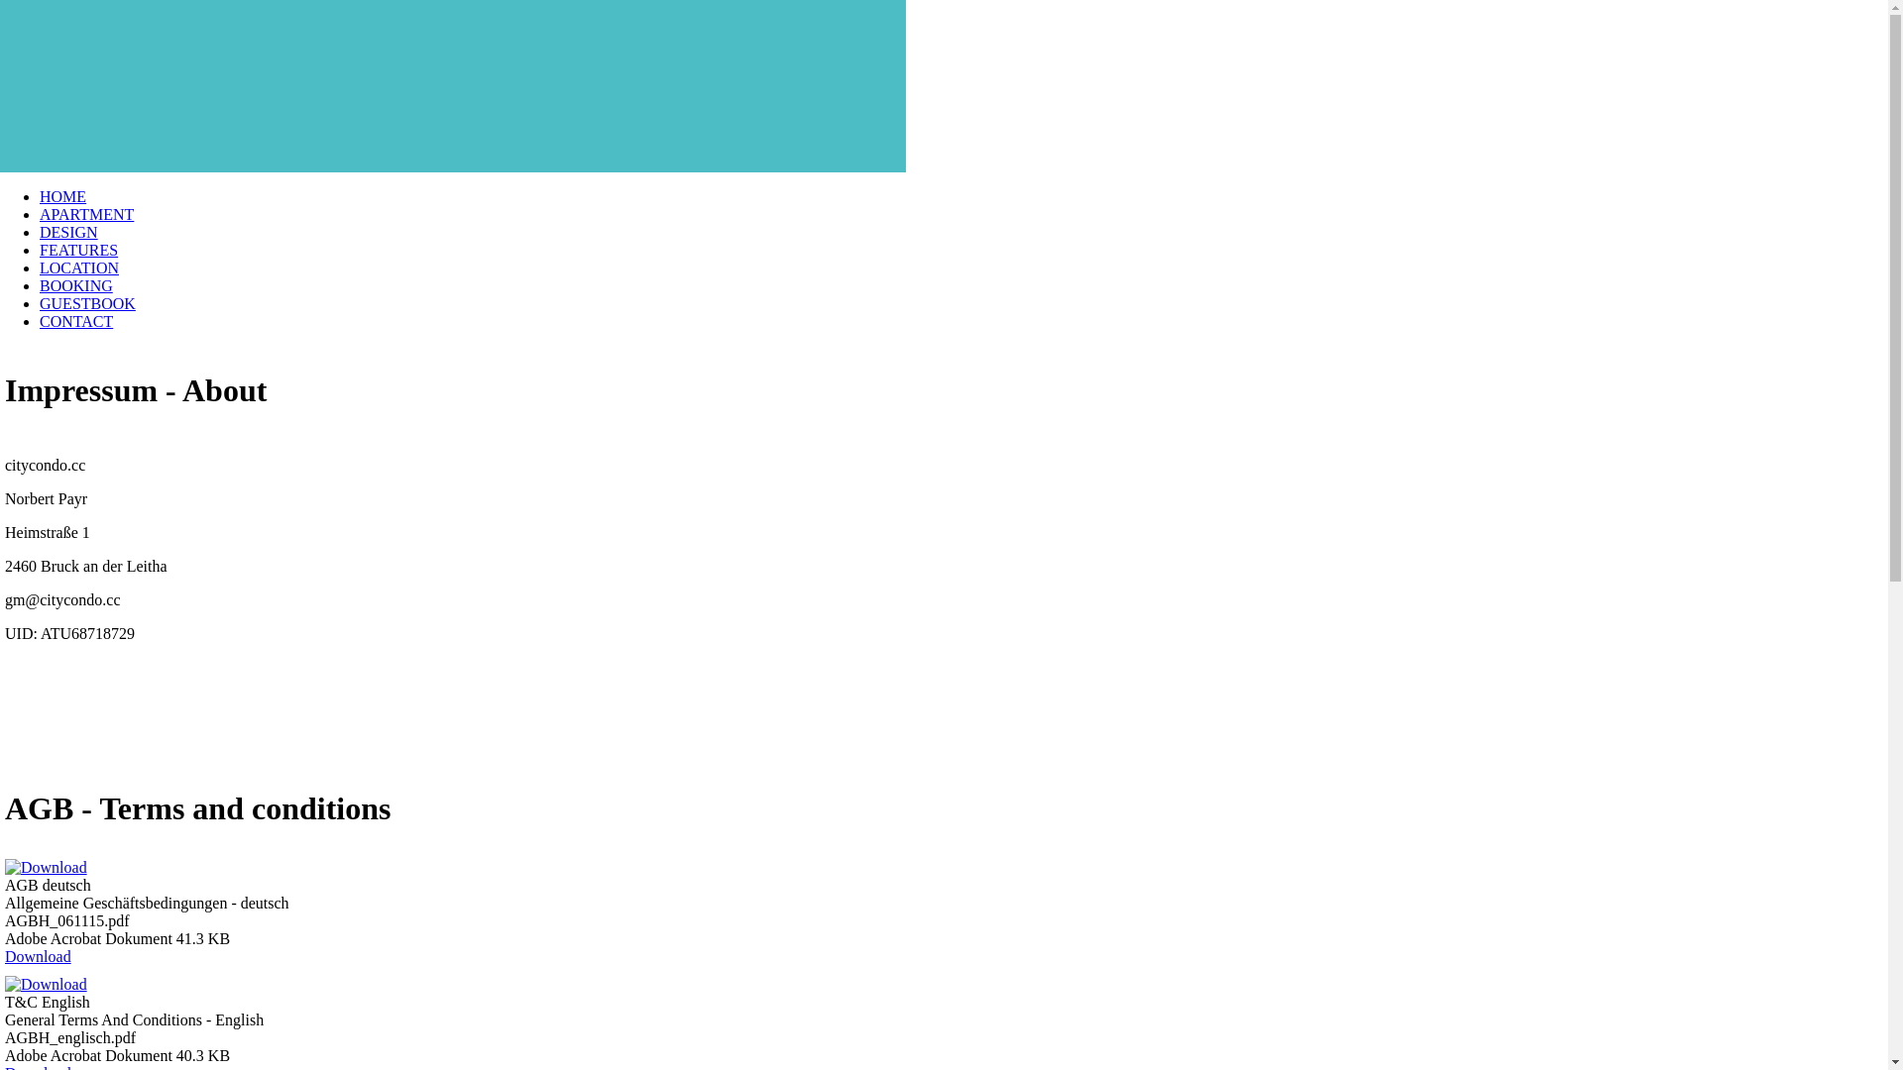 This screenshot has width=1903, height=1070. Describe the element at coordinates (39, 267) in the screenshot. I see `'LOCATION'` at that location.